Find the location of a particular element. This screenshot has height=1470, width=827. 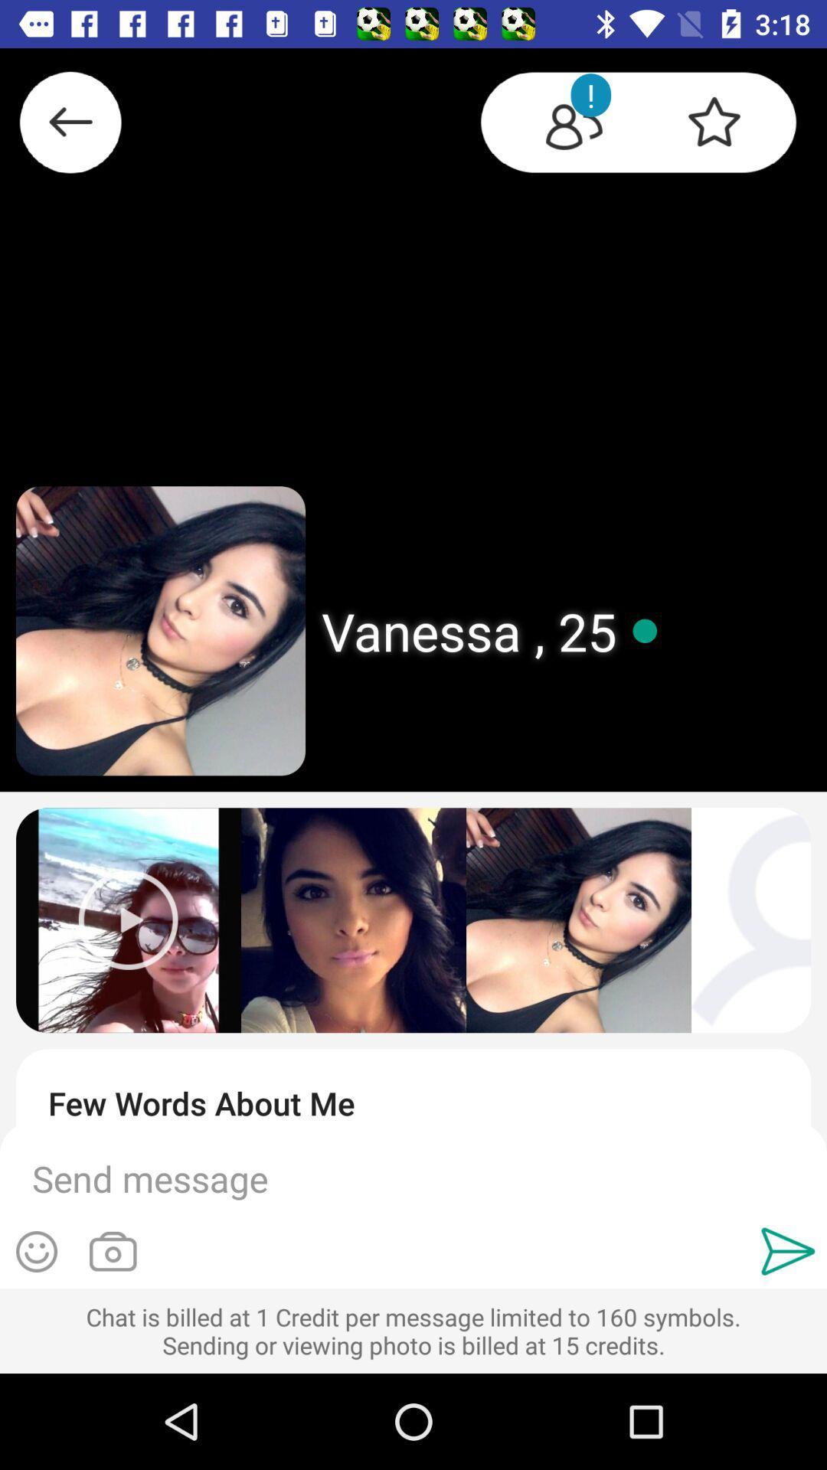

the arrow_backward icon is located at coordinates (70, 129).